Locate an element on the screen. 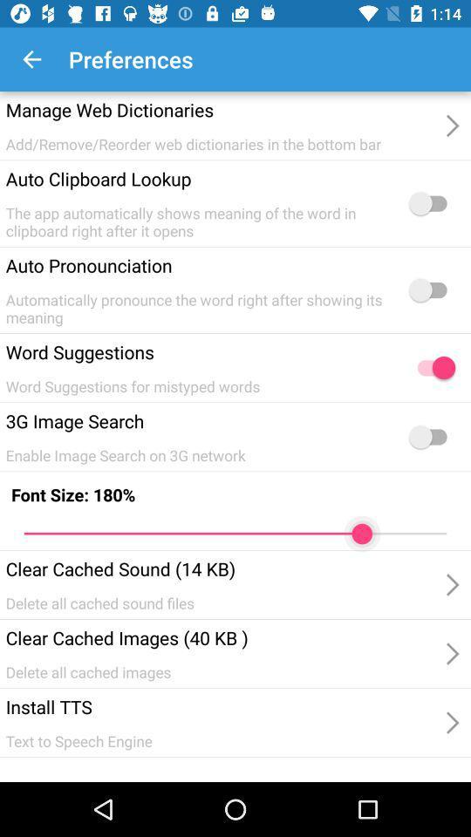 The image size is (471, 837). auto pronounciation is located at coordinates (431, 289).